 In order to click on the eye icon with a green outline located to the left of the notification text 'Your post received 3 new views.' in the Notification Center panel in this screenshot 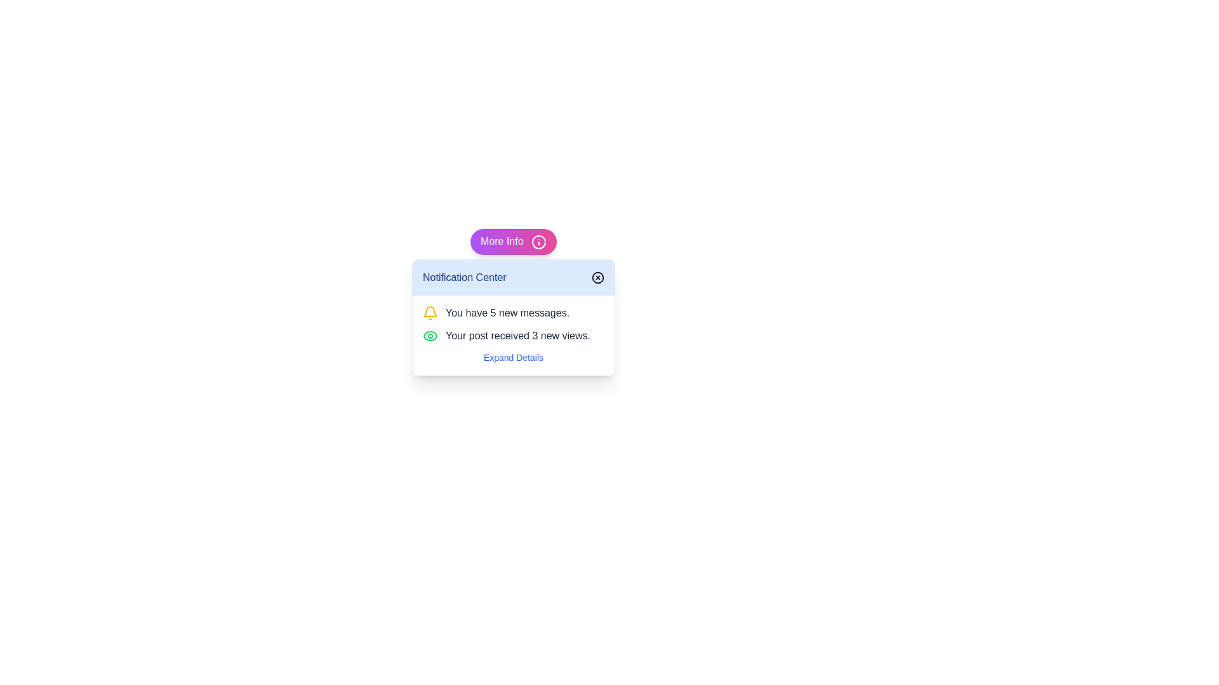, I will do `click(430, 335)`.